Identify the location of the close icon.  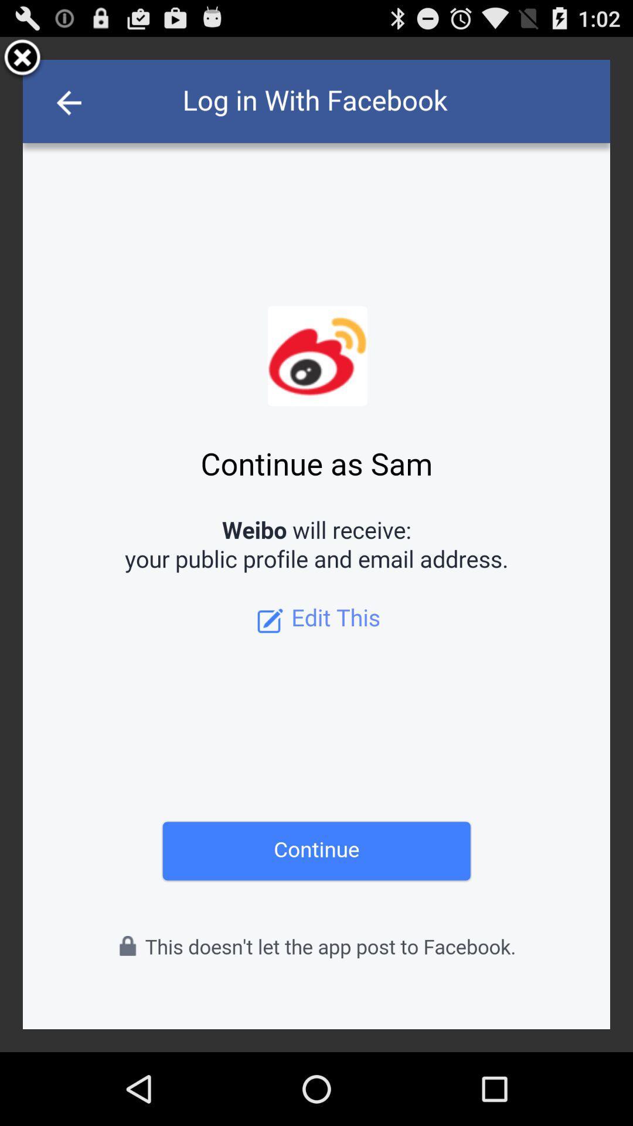
(22, 63).